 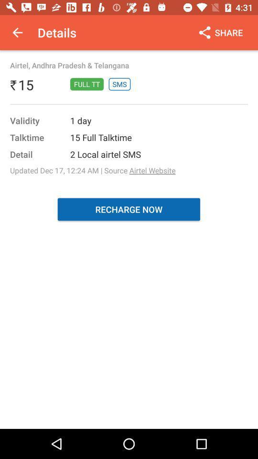 I want to click on the icon at the top right corner, so click(x=220, y=33).